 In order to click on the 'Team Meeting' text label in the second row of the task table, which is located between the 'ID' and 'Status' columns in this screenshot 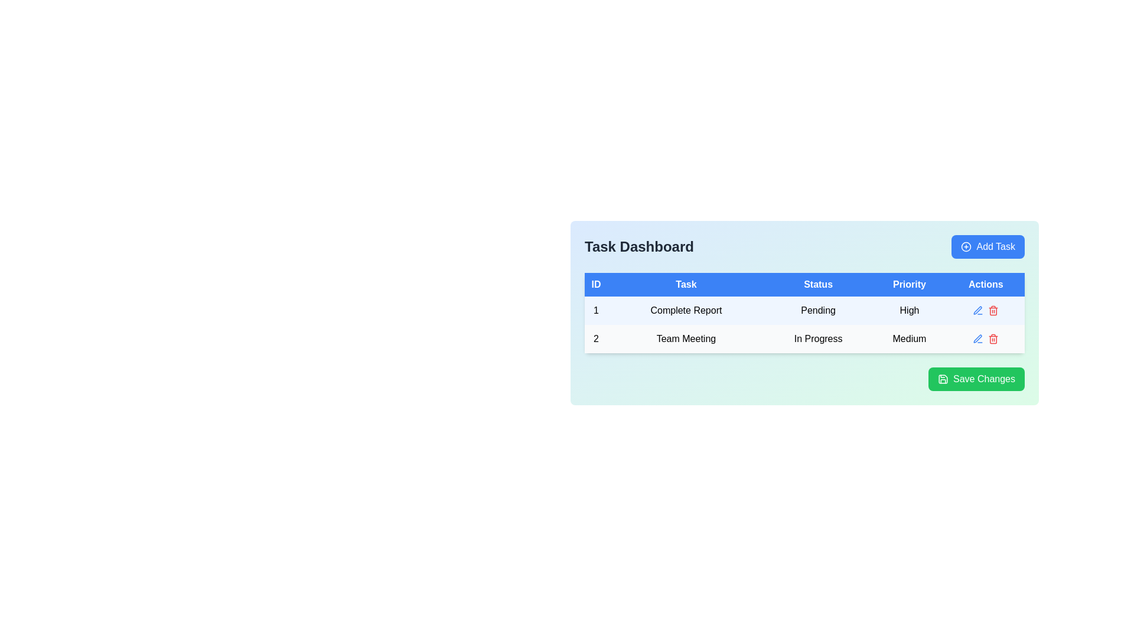, I will do `click(686, 339)`.